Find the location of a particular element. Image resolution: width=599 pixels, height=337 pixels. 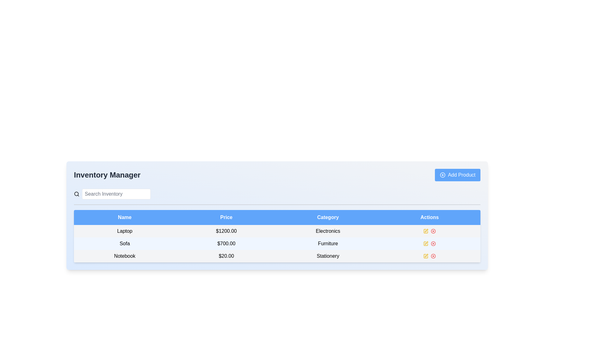

the first row of the table displaying 'Laptop', '$1200.00', and 'Electronics' is located at coordinates (277, 231).